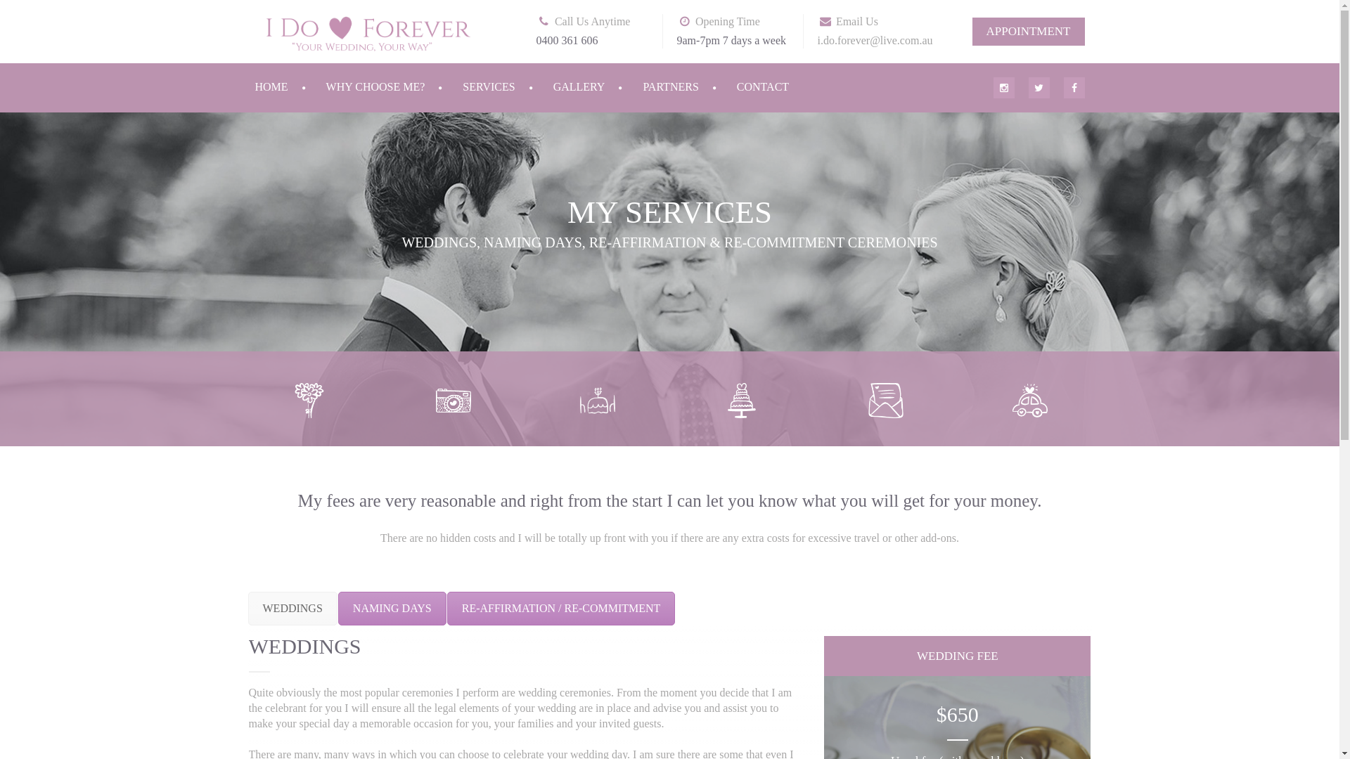  What do you see at coordinates (641, 86) in the screenshot?
I see `'PARTNERS'` at bounding box center [641, 86].